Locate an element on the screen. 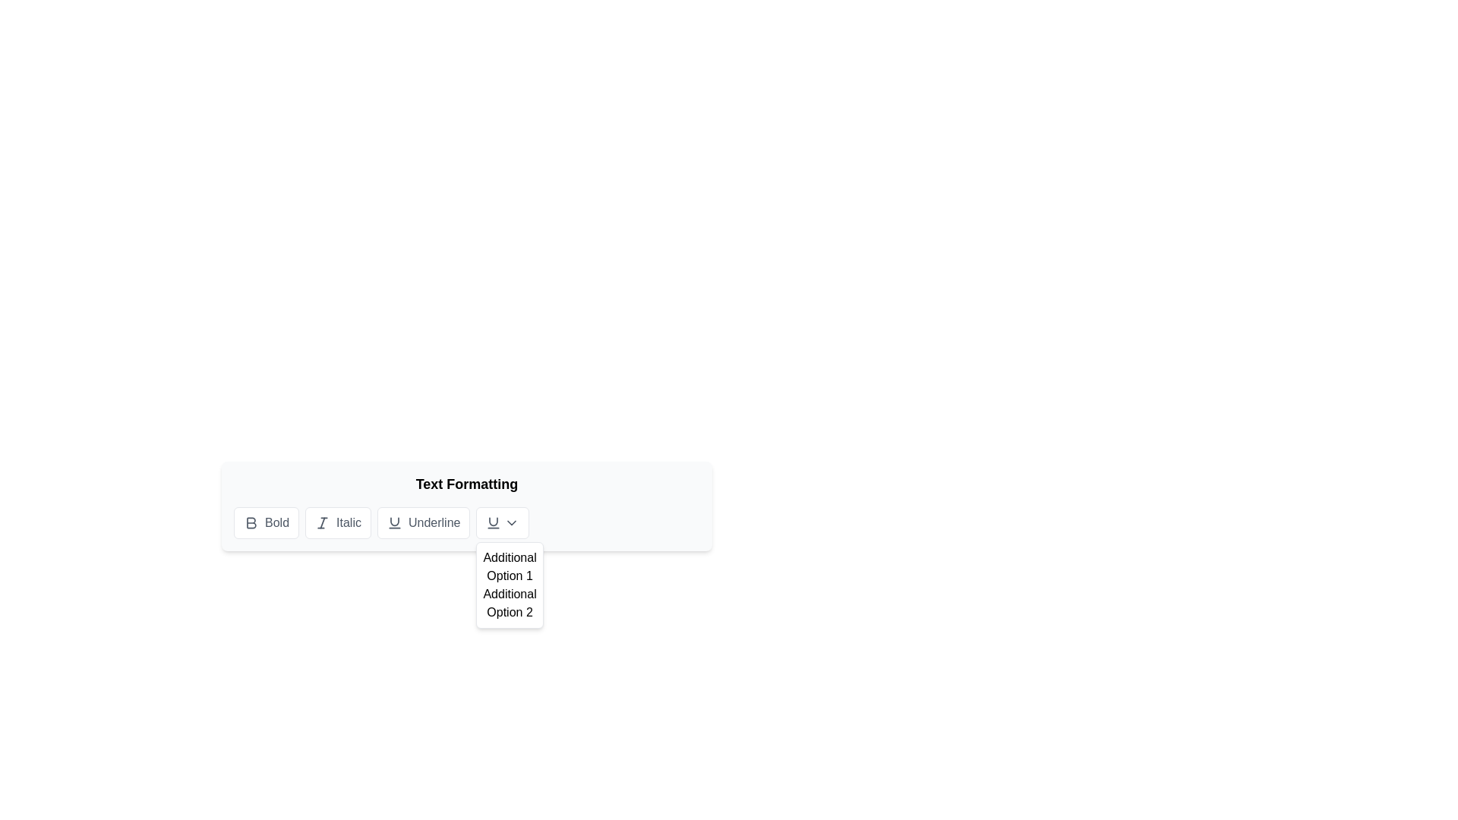 The image size is (1458, 820). the diagonal line component of the italic text styling icon located in the text formatting toolbar is located at coordinates (322, 522).